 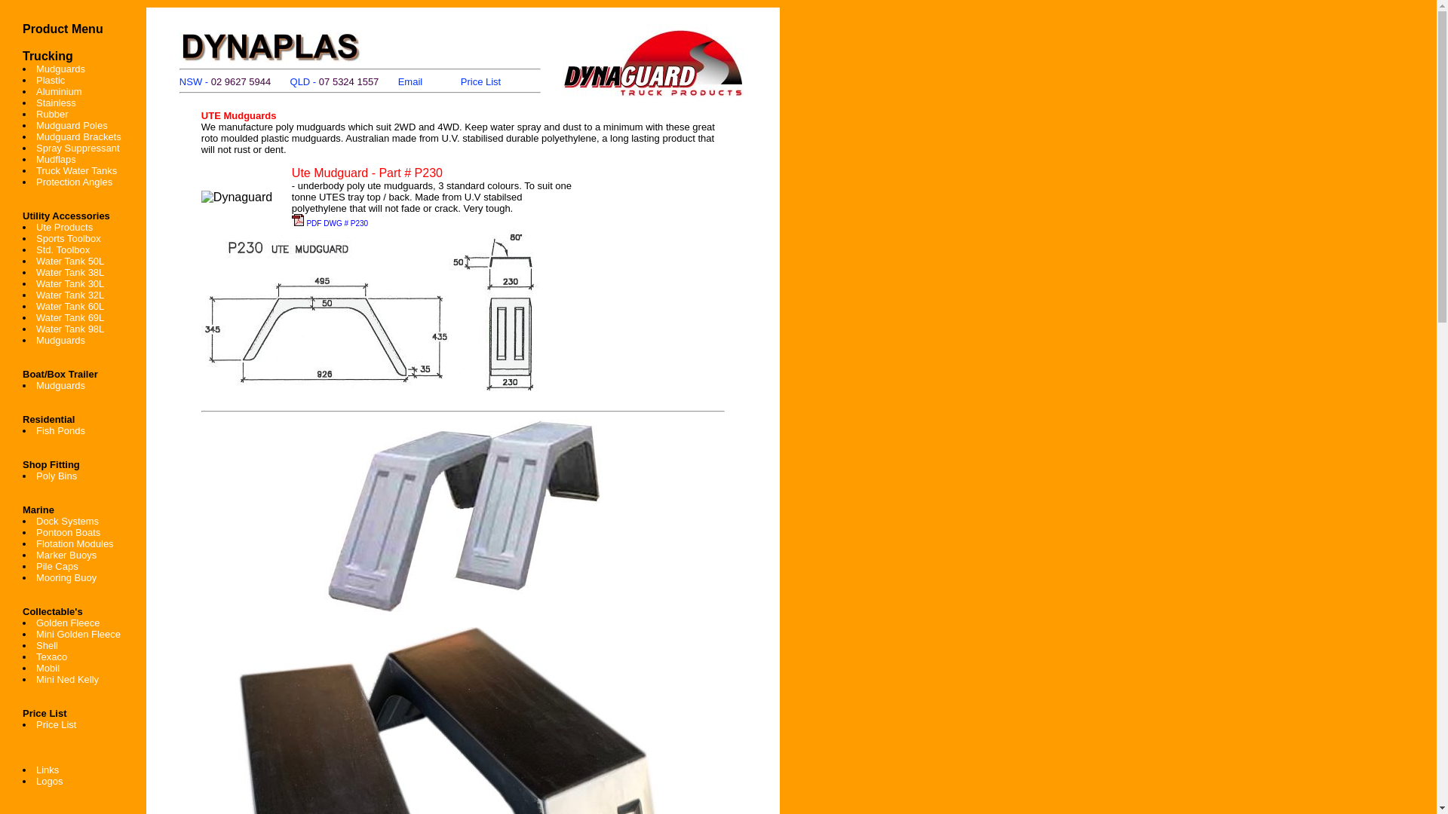 I want to click on 'Mudguard Brackets', so click(x=36, y=136).